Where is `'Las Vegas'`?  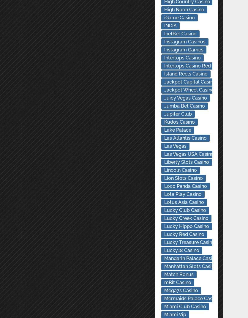
'Las Vegas' is located at coordinates (175, 146).